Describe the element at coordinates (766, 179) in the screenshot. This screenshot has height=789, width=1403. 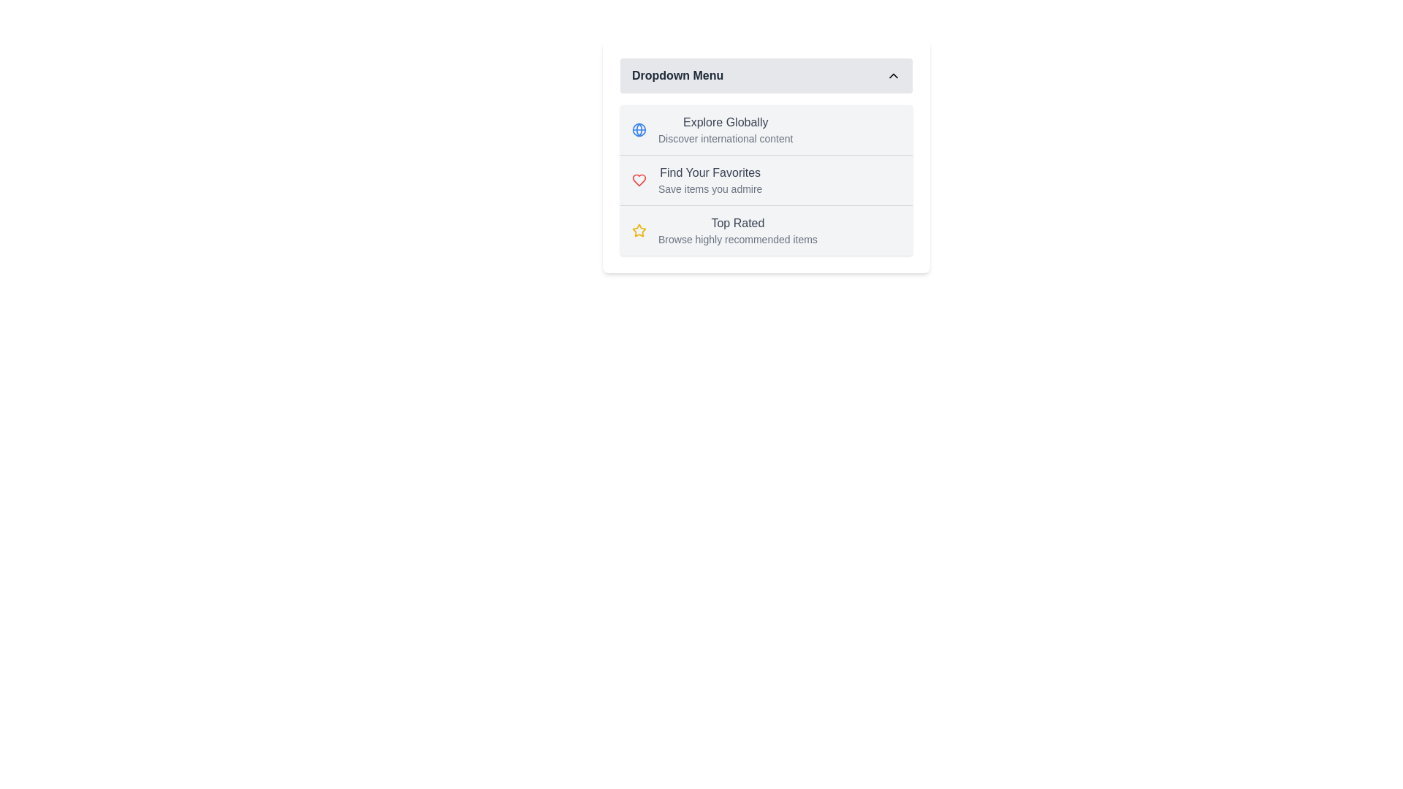
I see `the second item in the dropdown menu, which allows users to manage or observe their favorite items` at that location.